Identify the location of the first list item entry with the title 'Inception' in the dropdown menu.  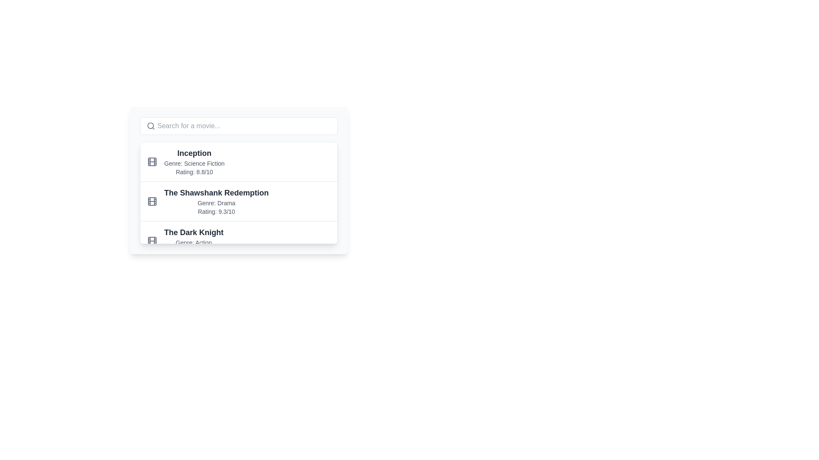
(239, 162).